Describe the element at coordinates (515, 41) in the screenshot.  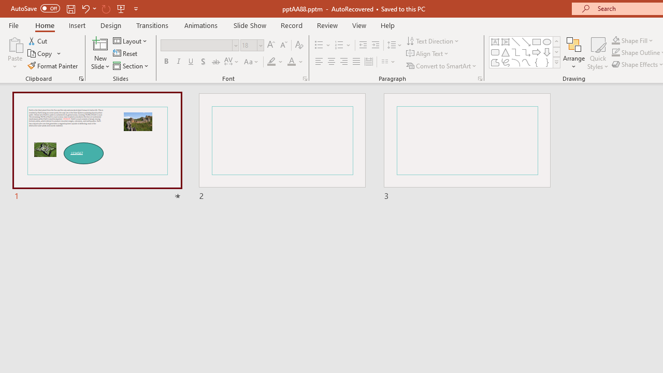
I see `'Line'` at that location.